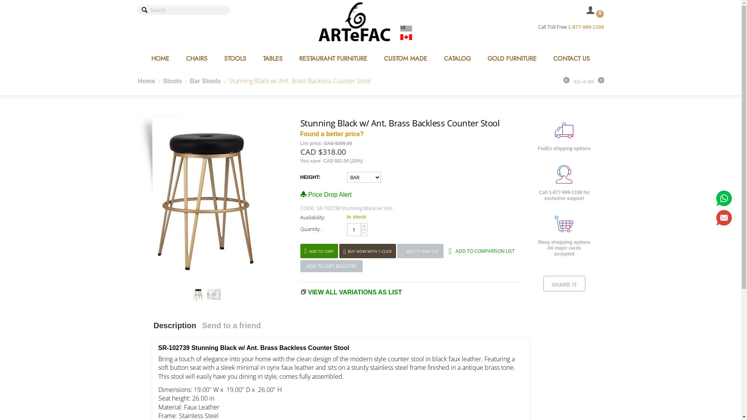 This screenshot has width=747, height=420. Describe the element at coordinates (300, 266) in the screenshot. I see `'ADD TO GIFT REGISTRY'` at that location.